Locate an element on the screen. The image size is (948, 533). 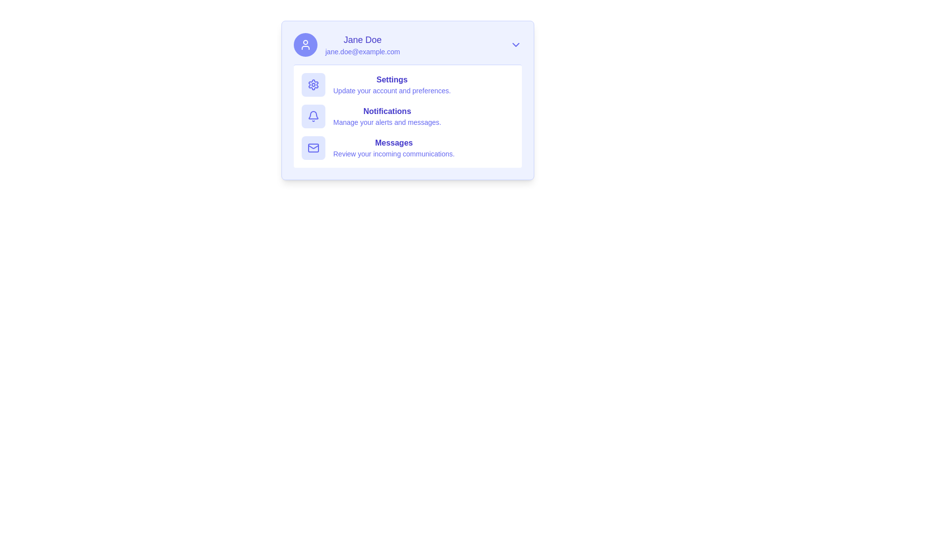
SVG rectangular shape with rounded corners that is part of the mail icon, located centrally within the icon is located at coordinates (313, 148).